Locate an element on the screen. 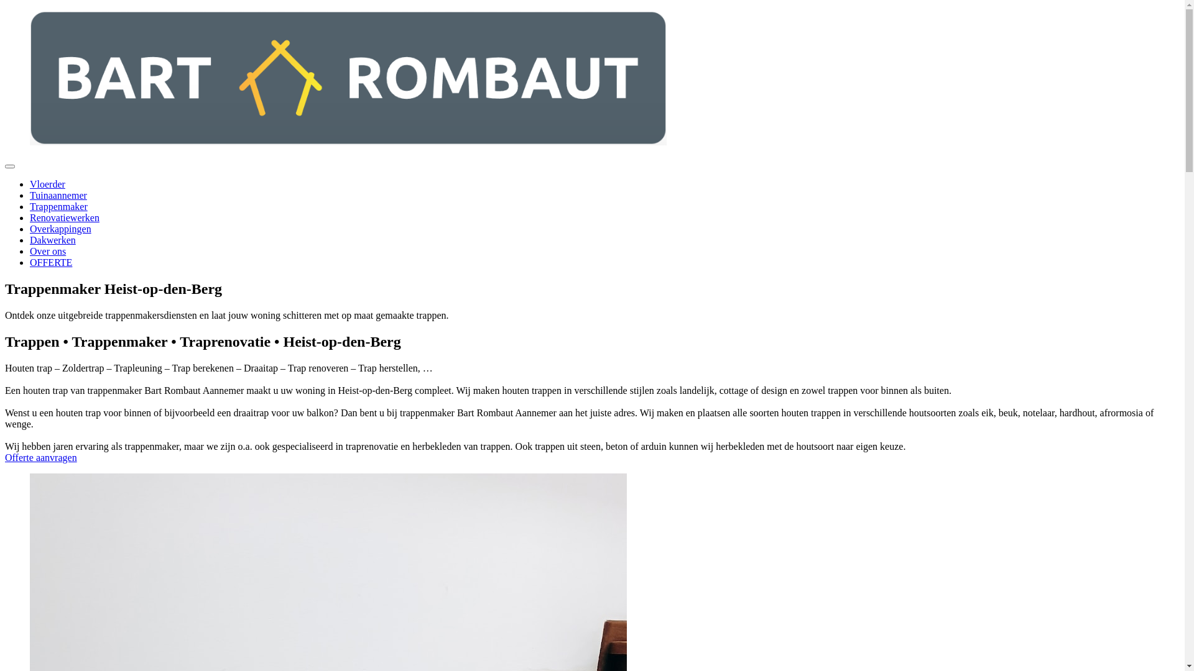 The height and width of the screenshot is (671, 1194). 'Renovatiewerken' is located at coordinates (64, 217).